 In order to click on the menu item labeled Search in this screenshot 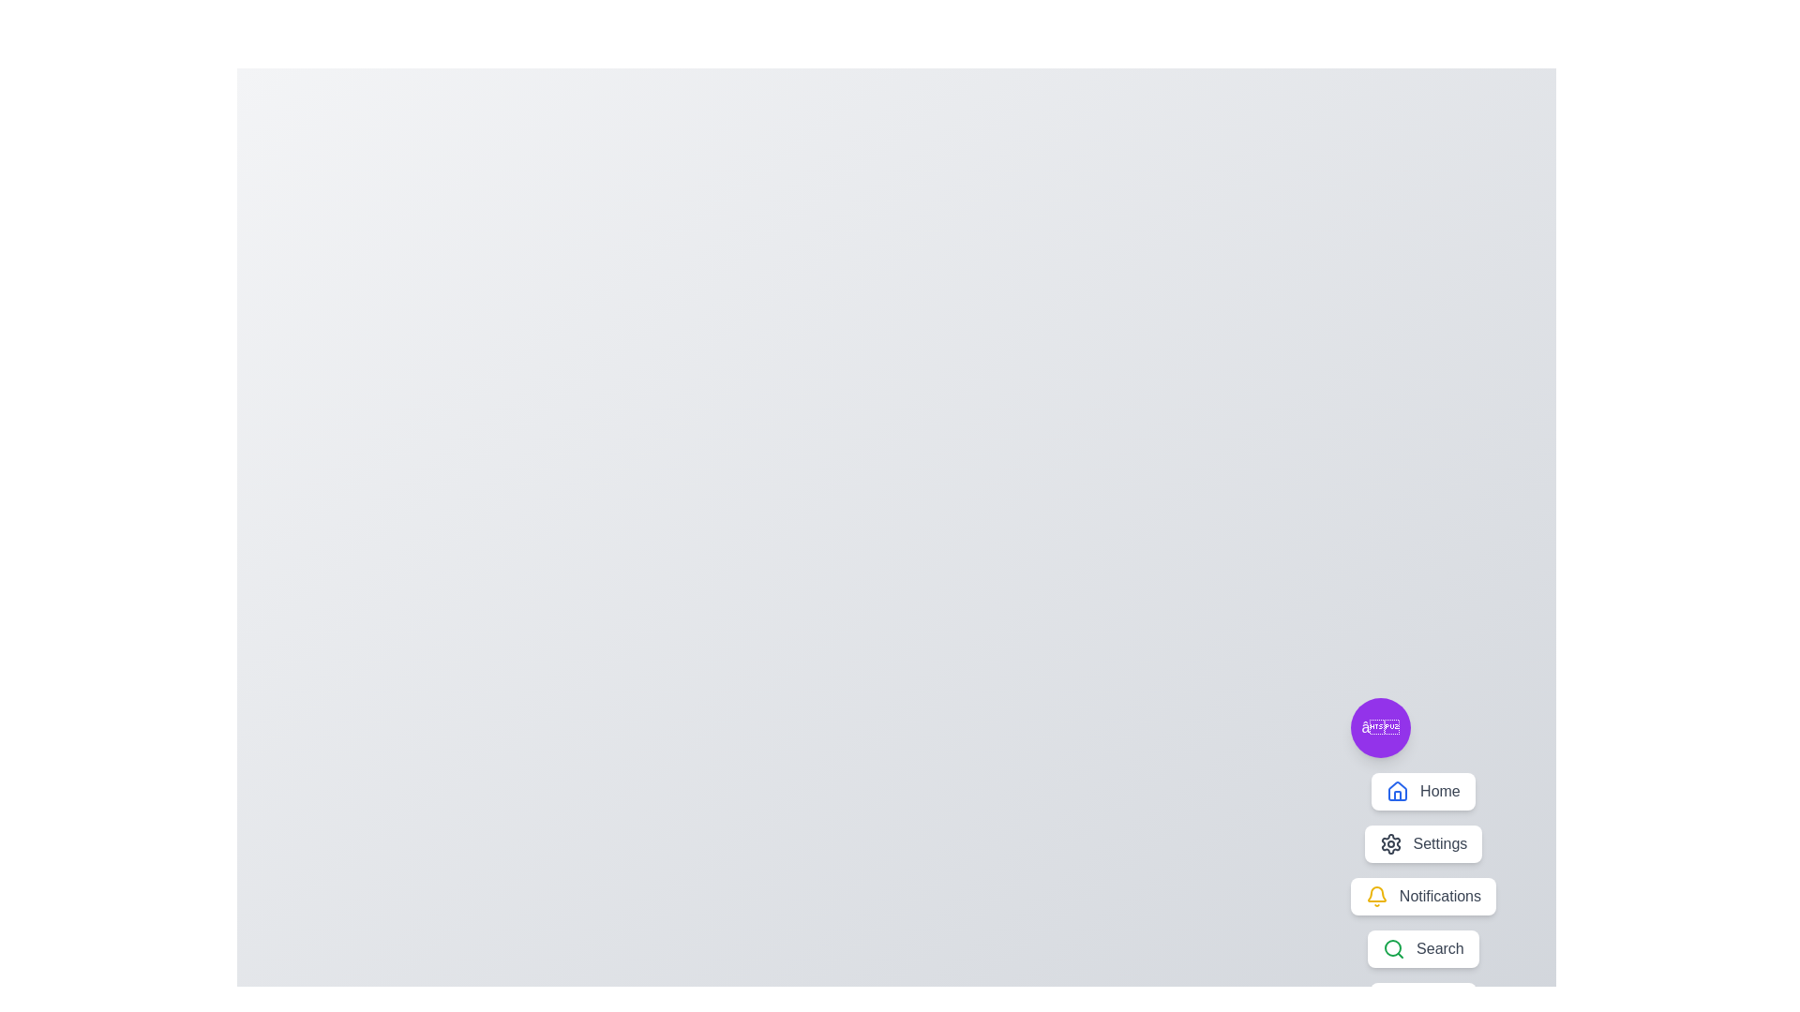, I will do `click(1422, 949)`.